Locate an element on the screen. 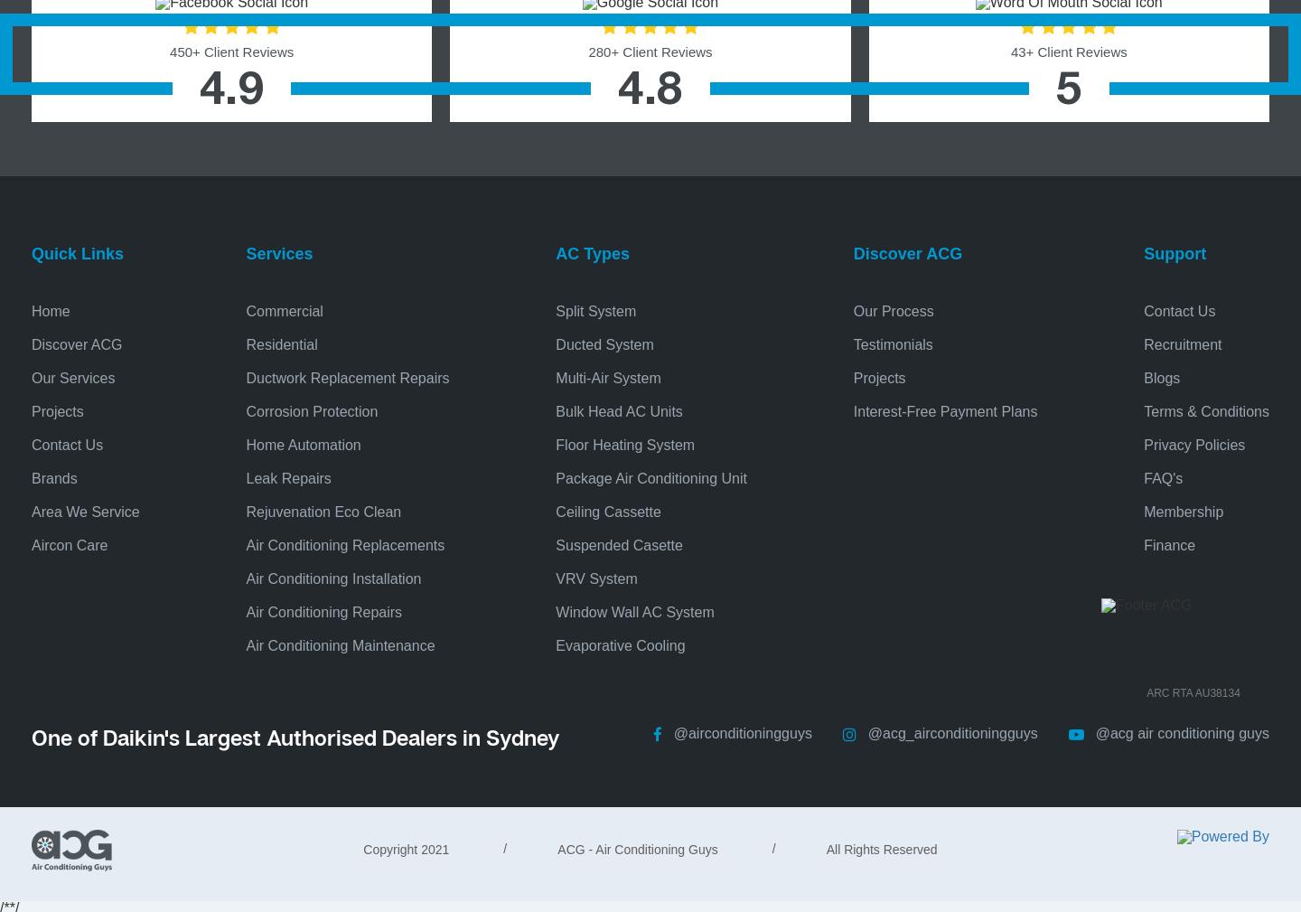  '@airconditioningguys' is located at coordinates (672, 732).